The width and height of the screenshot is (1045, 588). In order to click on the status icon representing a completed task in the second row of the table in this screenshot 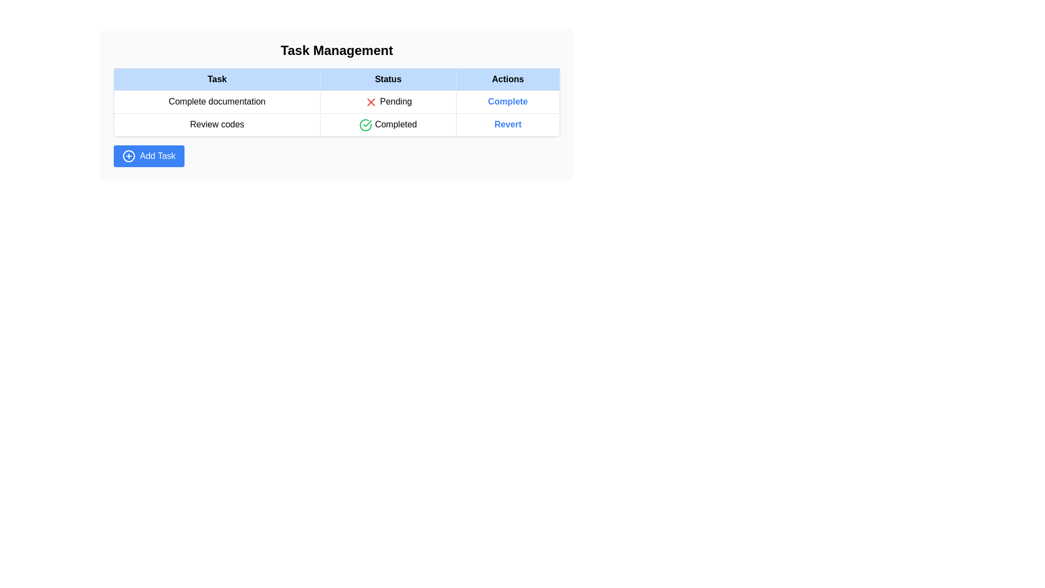, I will do `click(366, 124)`.